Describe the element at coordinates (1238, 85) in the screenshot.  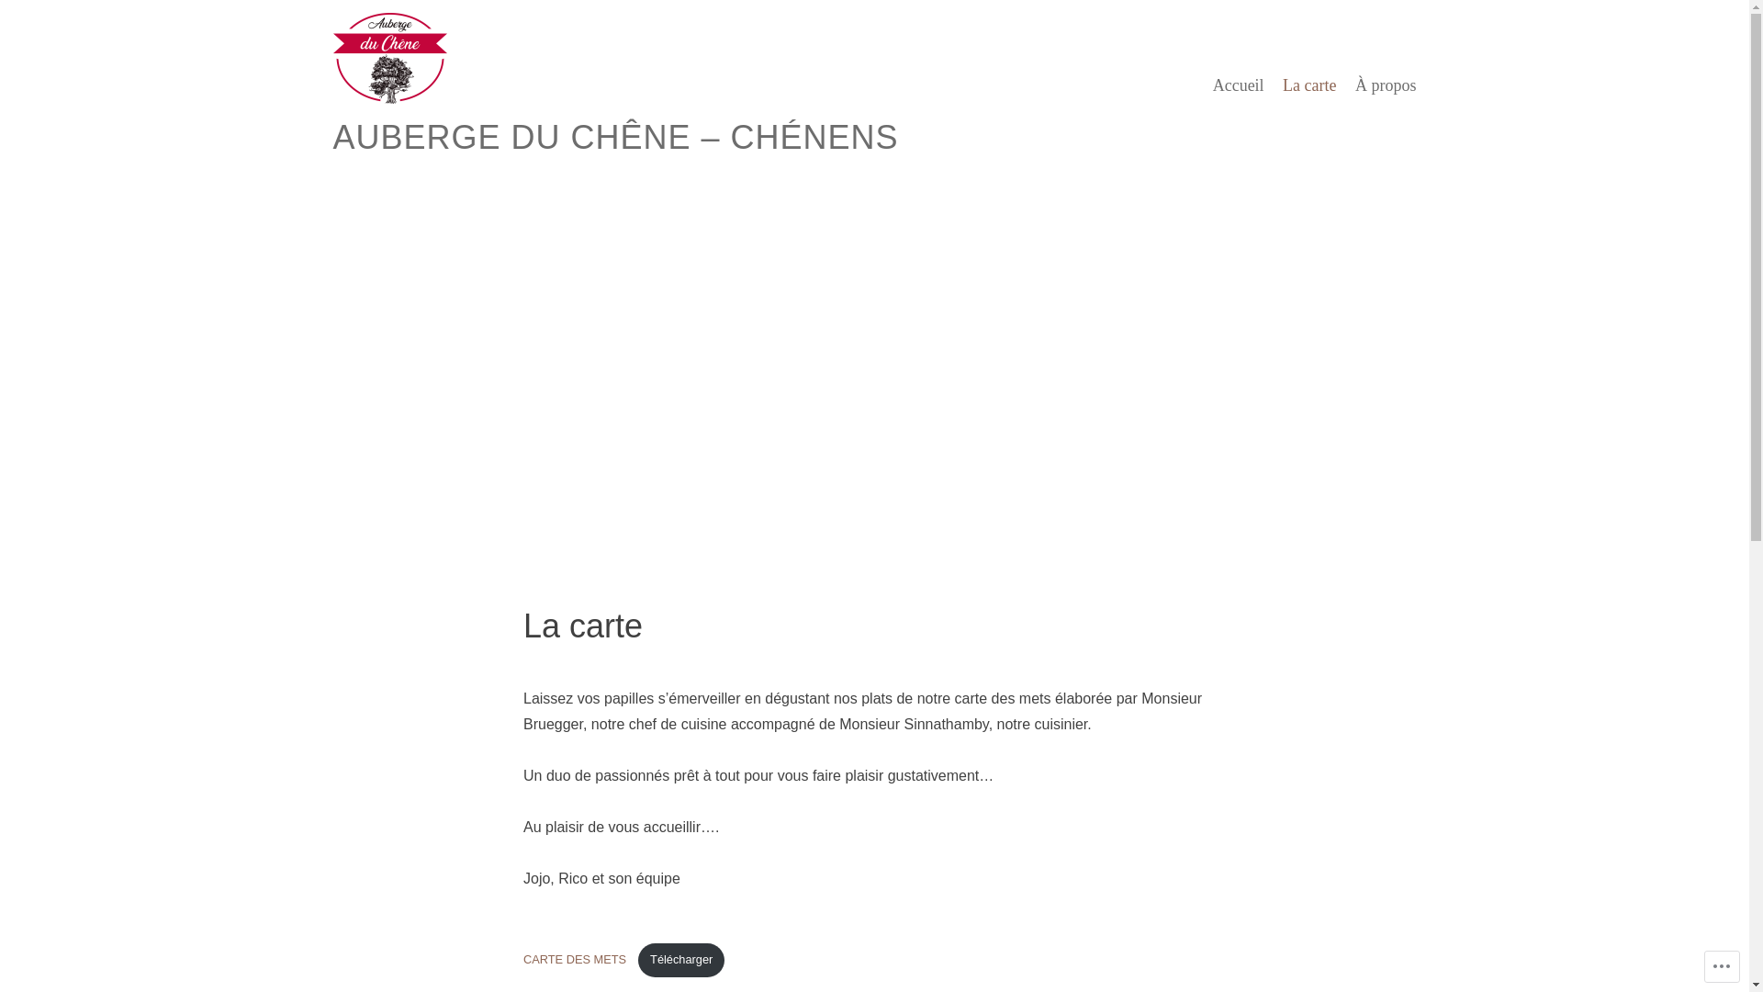
I see `'Accueil'` at that location.